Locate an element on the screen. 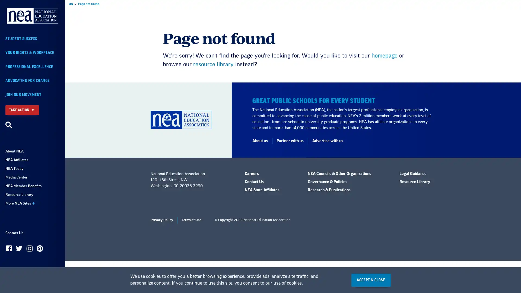 Image resolution: width=521 pixels, height=293 pixels. Search is located at coordinates (9, 125).